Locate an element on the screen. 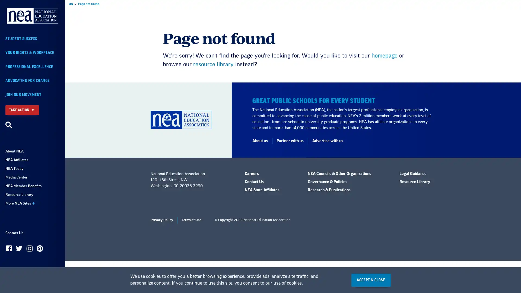 Image resolution: width=521 pixels, height=293 pixels. Search is located at coordinates (9, 125).